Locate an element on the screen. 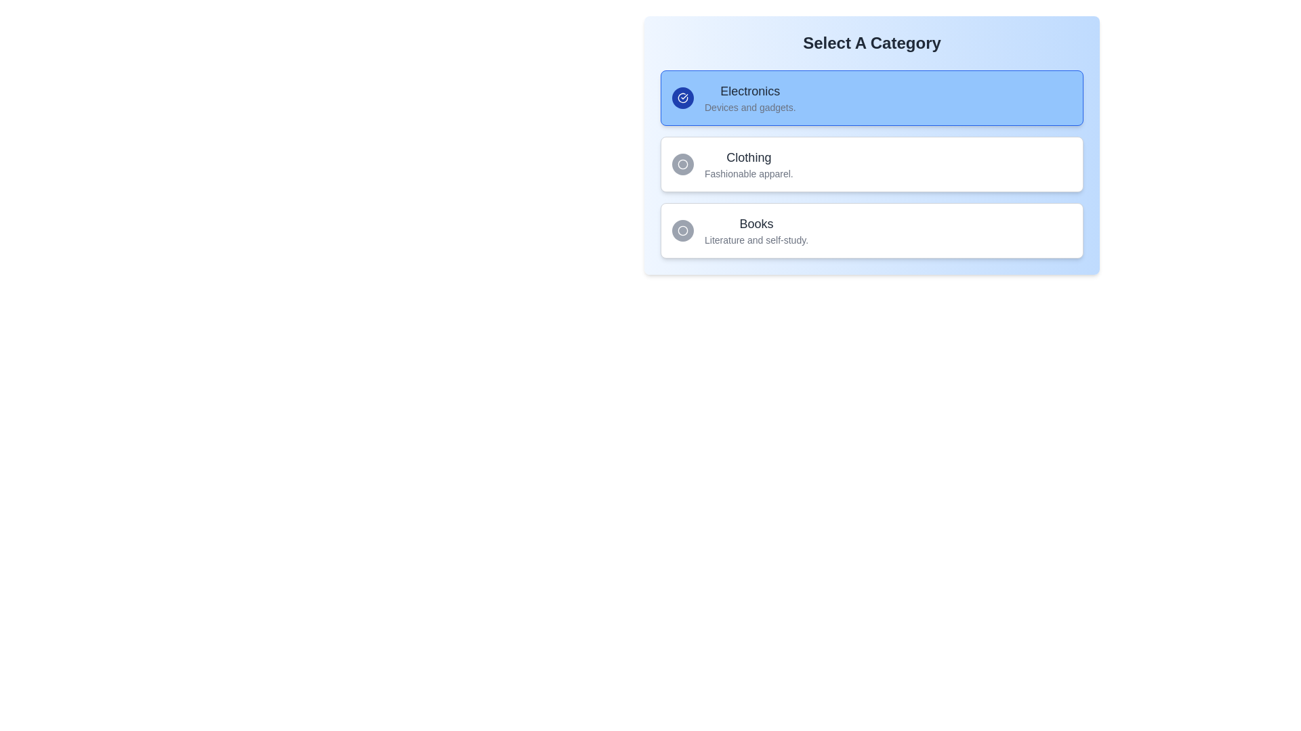 The width and height of the screenshot is (1301, 731). the icon representing the 'Clothing' category is located at coordinates (683, 164).